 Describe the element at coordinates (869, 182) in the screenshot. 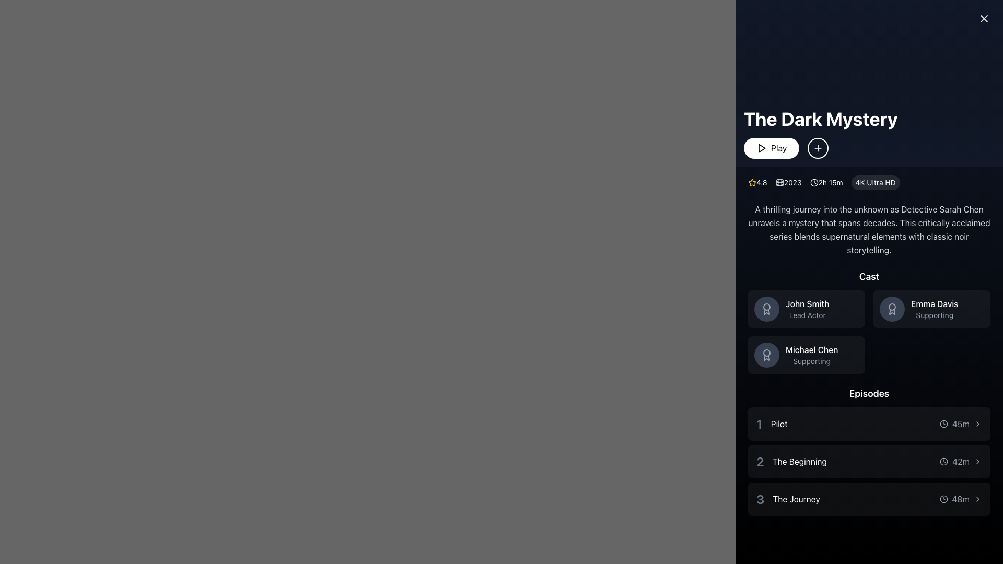

I see `the Metadata display group that provides information such as rating, release year, duration, and resolution quality, located beneath the title 'The Dark Mystery' and above the primary action buttons` at that location.